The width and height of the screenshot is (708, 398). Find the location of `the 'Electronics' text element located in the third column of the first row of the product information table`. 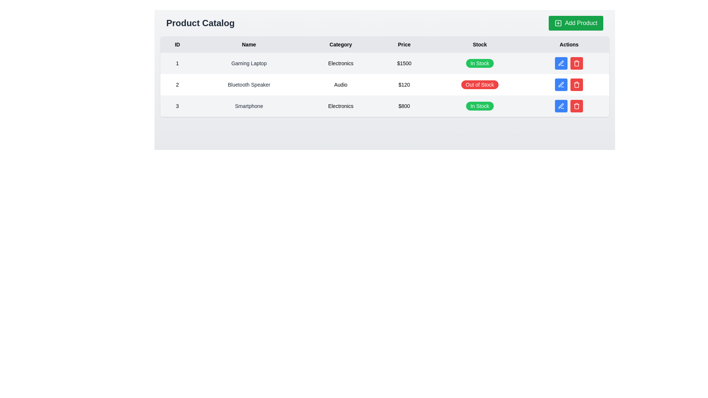

the 'Electronics' text element located in the third column of the first row of the product information table is located at coordinates (340, 63).